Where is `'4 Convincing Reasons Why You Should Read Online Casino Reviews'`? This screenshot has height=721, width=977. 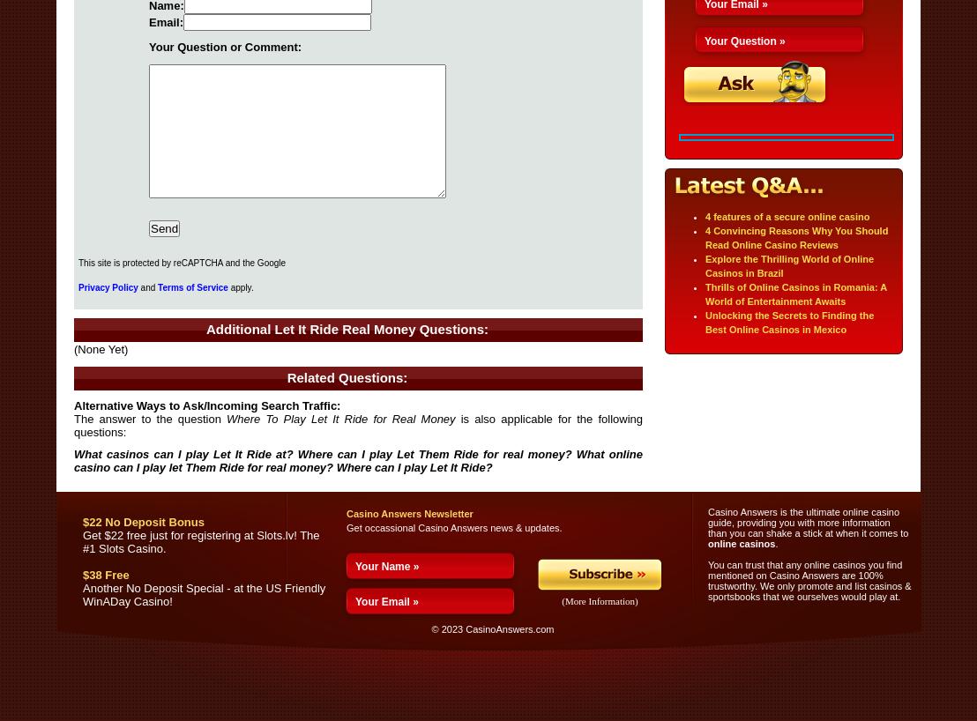
'4 Convincing Reasons Why You Should Read Online Casino Reviews' is located at coordinates (795, 238).